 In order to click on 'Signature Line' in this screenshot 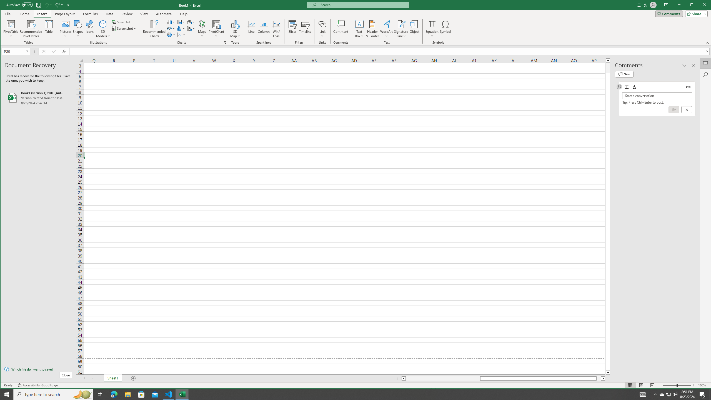, I will do `click(401, 29)`.